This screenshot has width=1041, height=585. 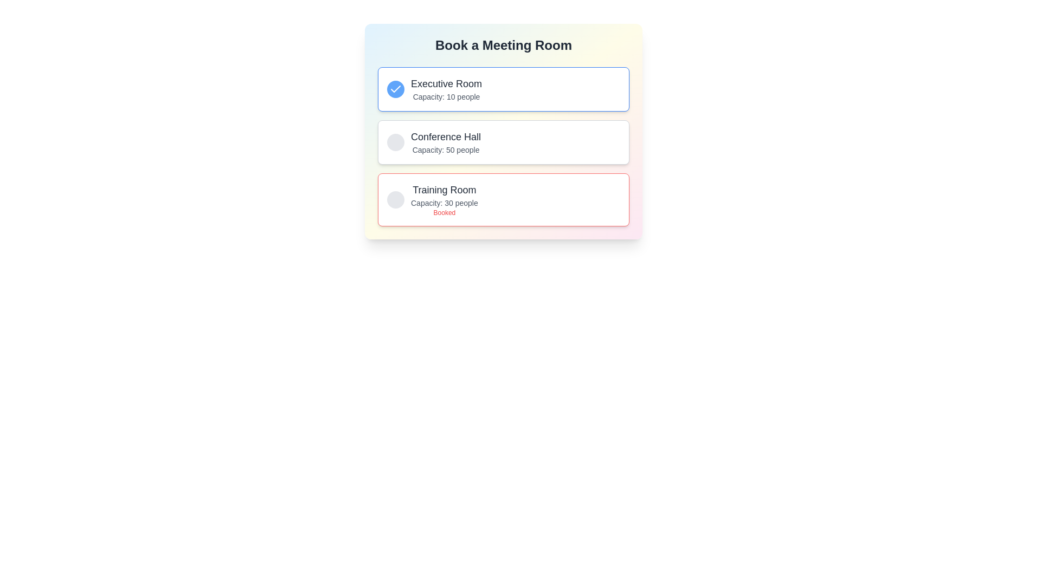 What do you see at coordinates (503, 200) in the screenshot?
I see `the 'Training Room' informational card located at the bottom of the vertical list` at bounding box center [503, 200].